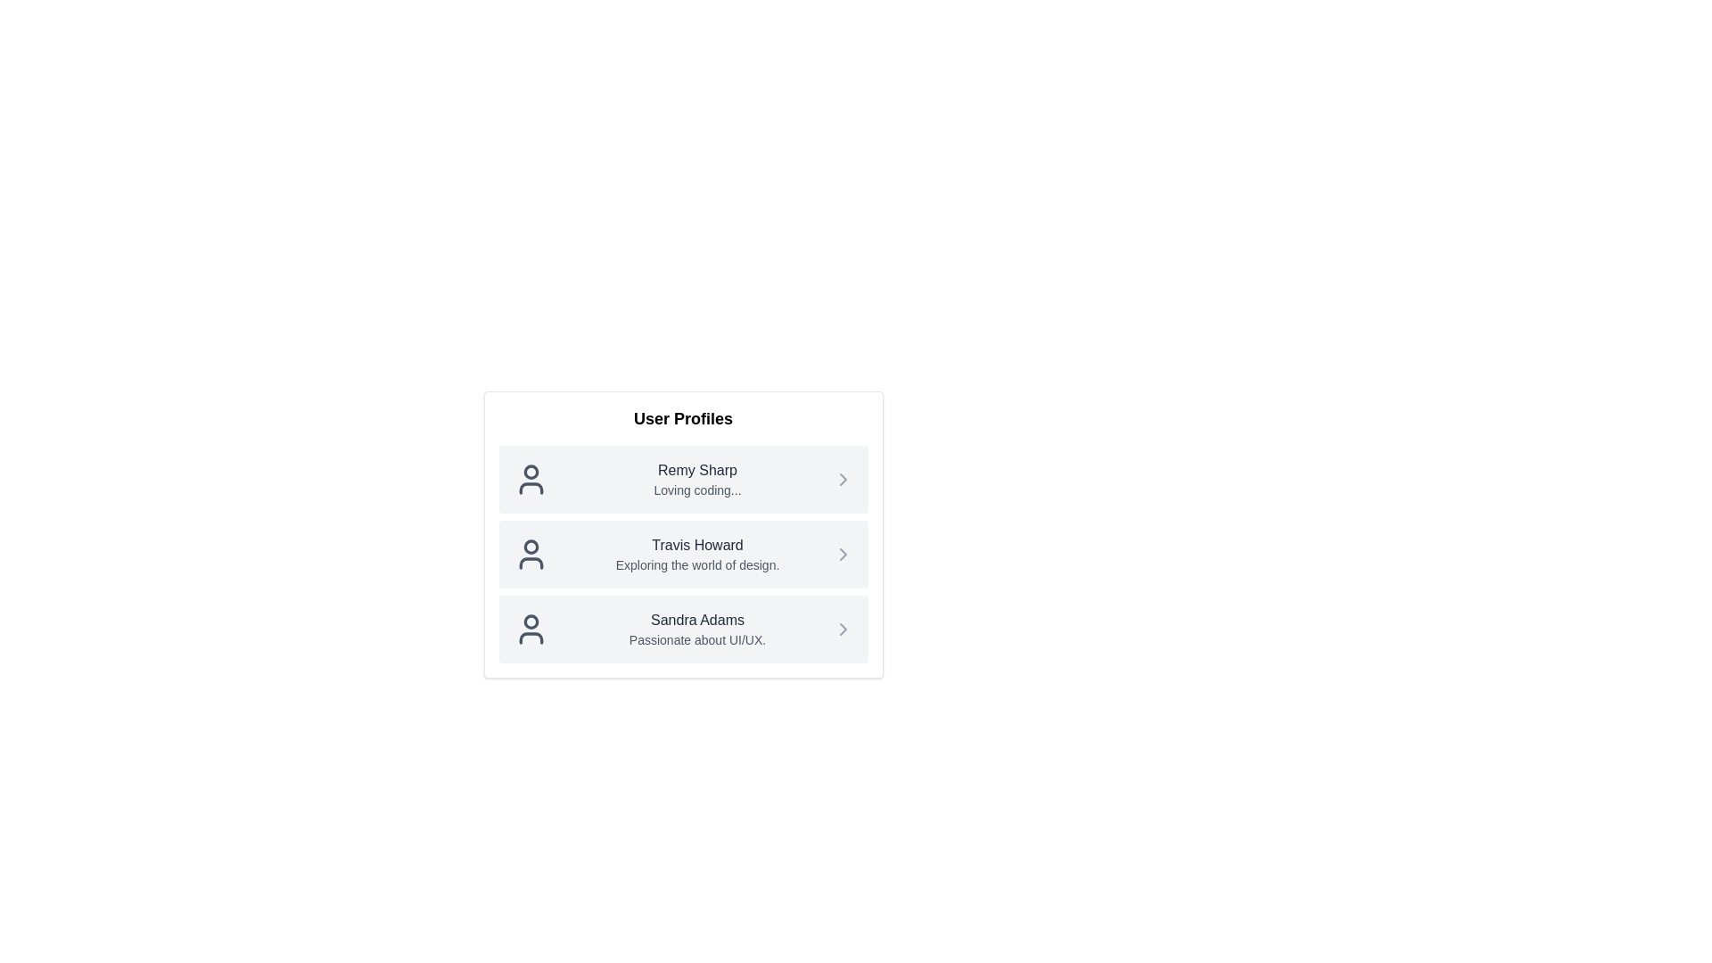 The image size is (1712, 963). I want to click on the Chevron icon associated with the first user profile entry for 'Remy Sharp', so click(842, 478).